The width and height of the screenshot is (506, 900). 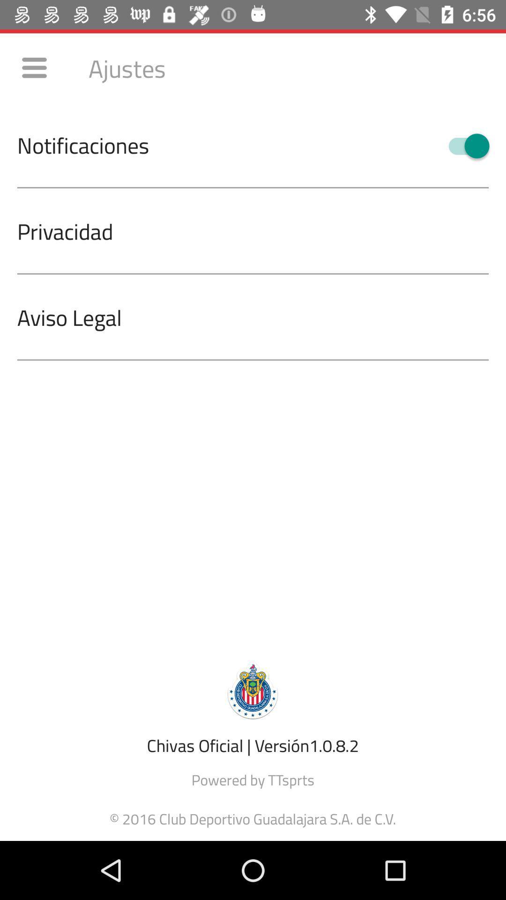 I want to click on icon next to the notificaciones item, so click(x=464, y=145).